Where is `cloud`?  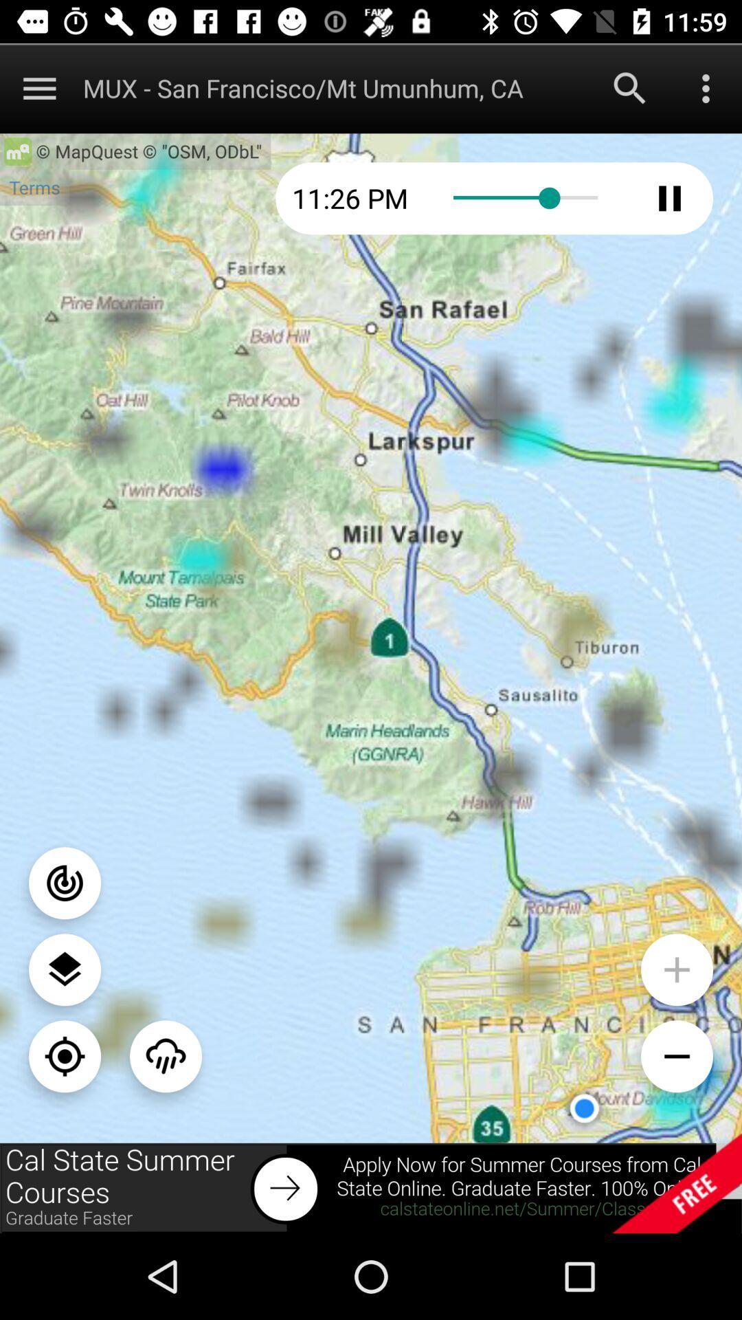
cloud is located at coordinates (165, 1055).